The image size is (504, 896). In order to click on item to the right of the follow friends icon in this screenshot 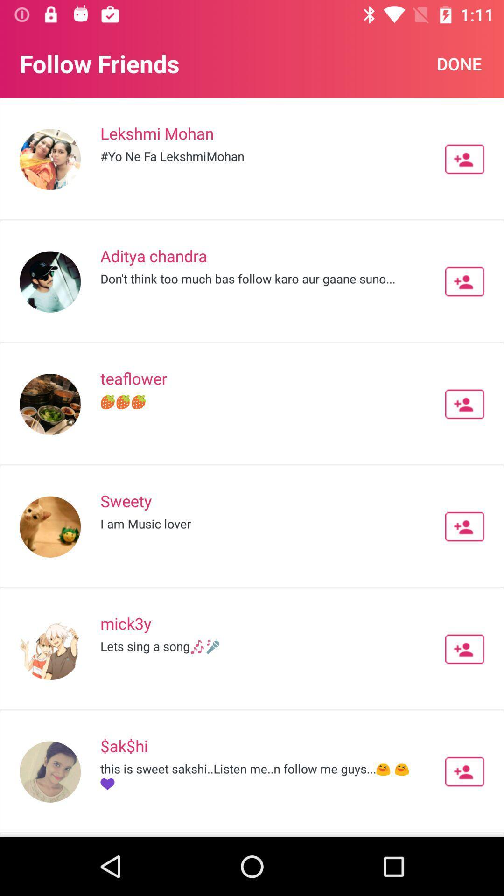, I will do `click(459, 63)`.